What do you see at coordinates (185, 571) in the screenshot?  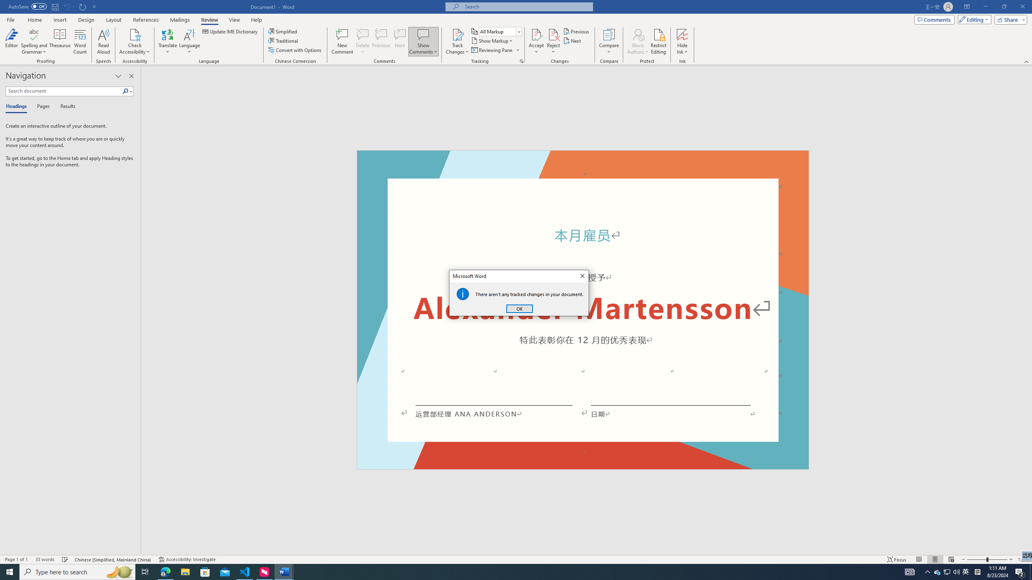 I see `'File Explorer'` at bounding box center [185, 571].